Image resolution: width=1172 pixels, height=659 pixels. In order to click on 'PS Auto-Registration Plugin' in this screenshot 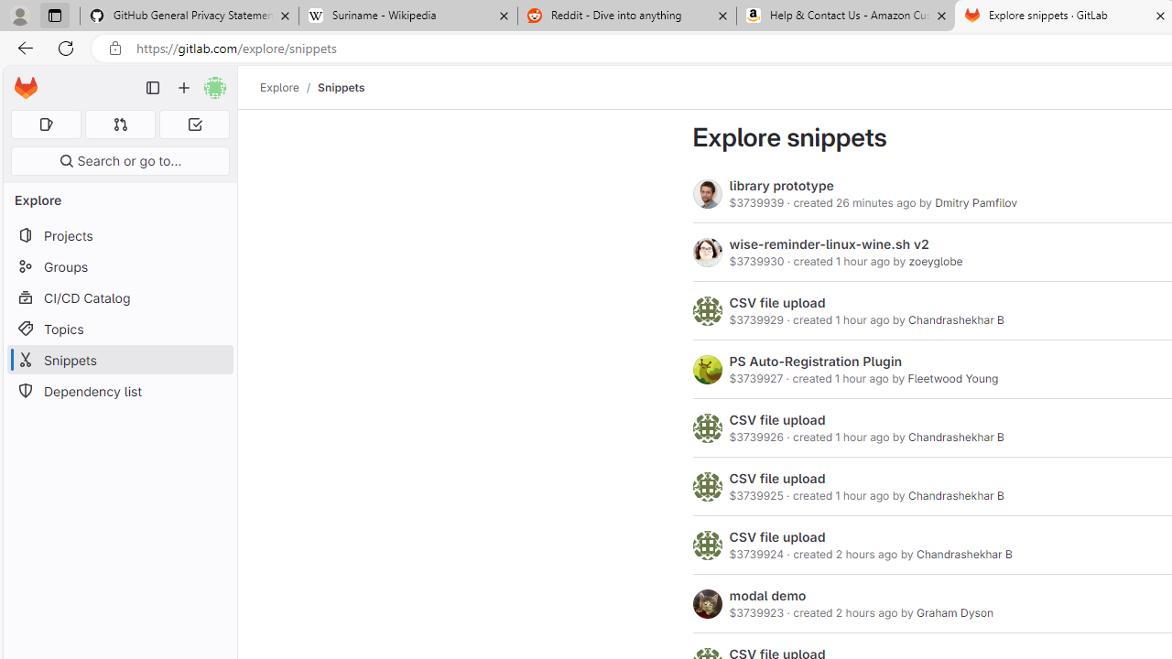, I will do `click(814, 361)`.